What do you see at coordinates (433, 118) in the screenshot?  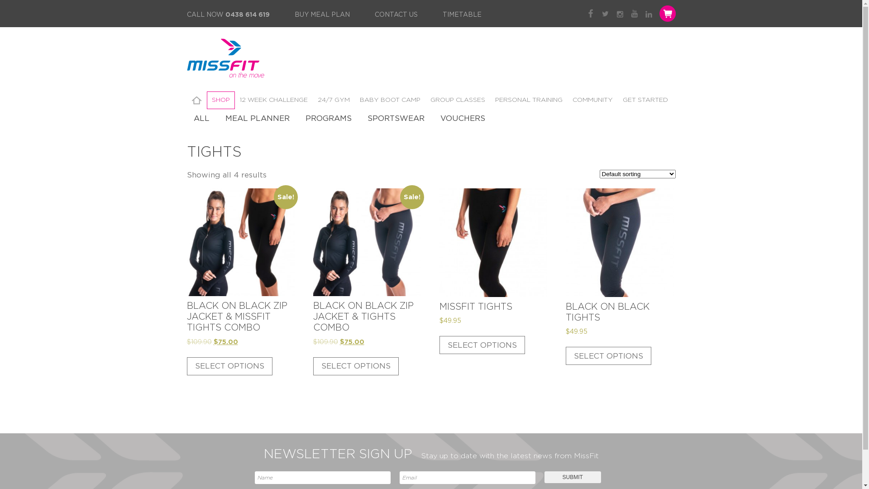 I see `'VOUCHERS'` at bounding box center [433, 118].